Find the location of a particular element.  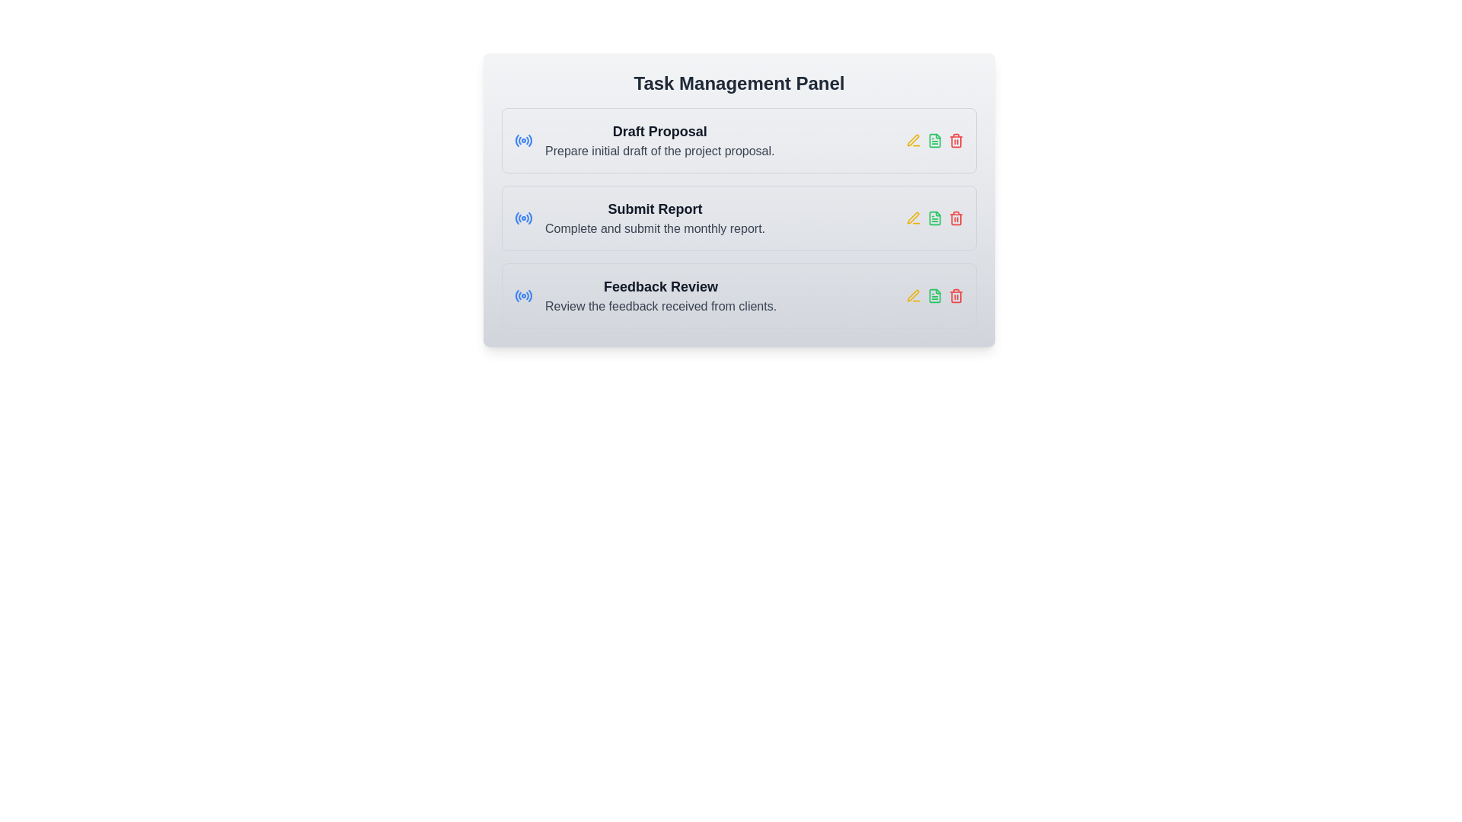

the edit icon located to the left of the 'Submit Report' label in the Task Management Panel is located at coordinates (914, 218).